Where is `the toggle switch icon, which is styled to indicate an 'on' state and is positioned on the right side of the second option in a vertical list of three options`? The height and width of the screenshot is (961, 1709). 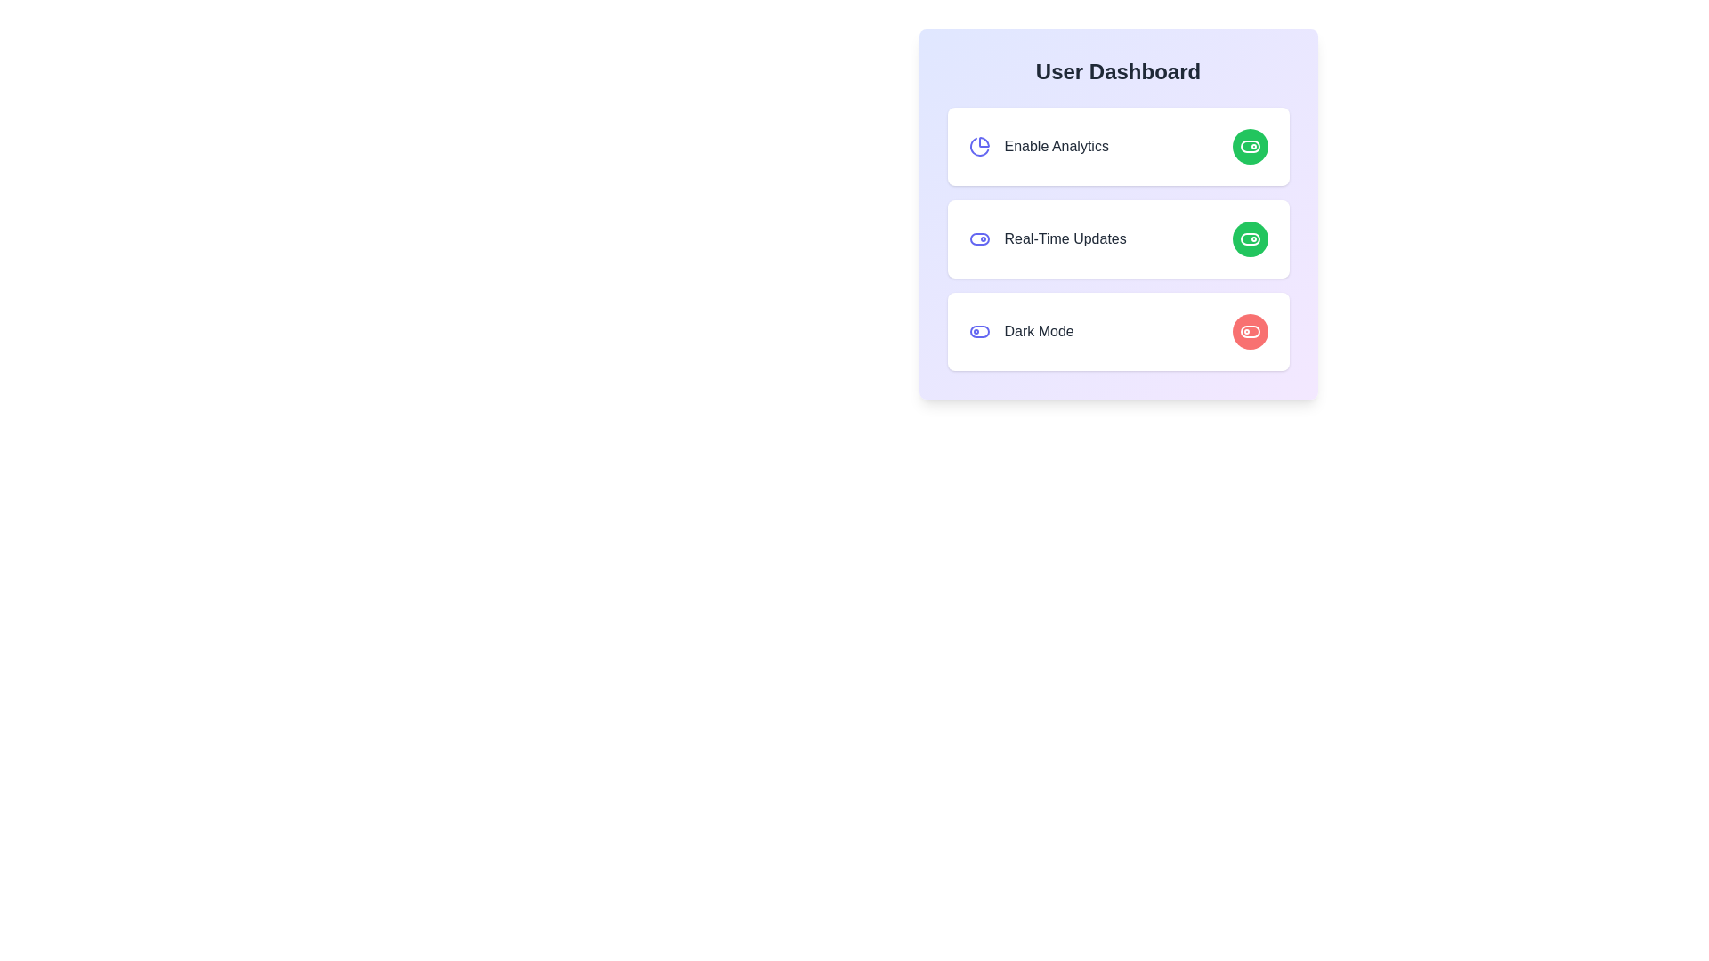
the toggle switch icon, which is styled to indicate an 'on' state and is positioned on the right side of the second option in a vertical list of three options is located at coordinates (1249, 146).